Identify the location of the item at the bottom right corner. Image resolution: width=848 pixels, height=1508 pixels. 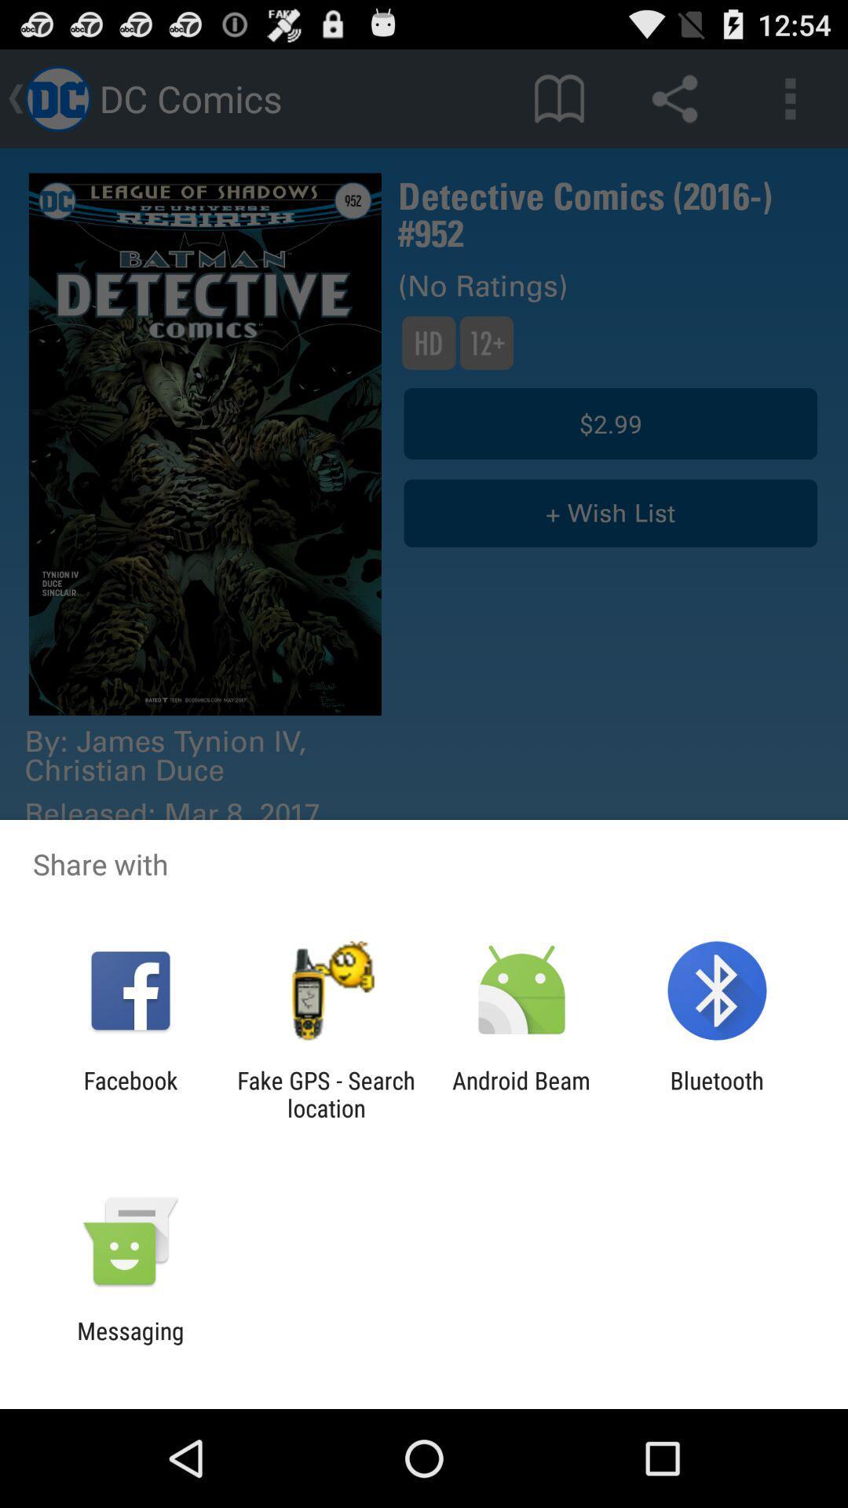
(717, 1093).